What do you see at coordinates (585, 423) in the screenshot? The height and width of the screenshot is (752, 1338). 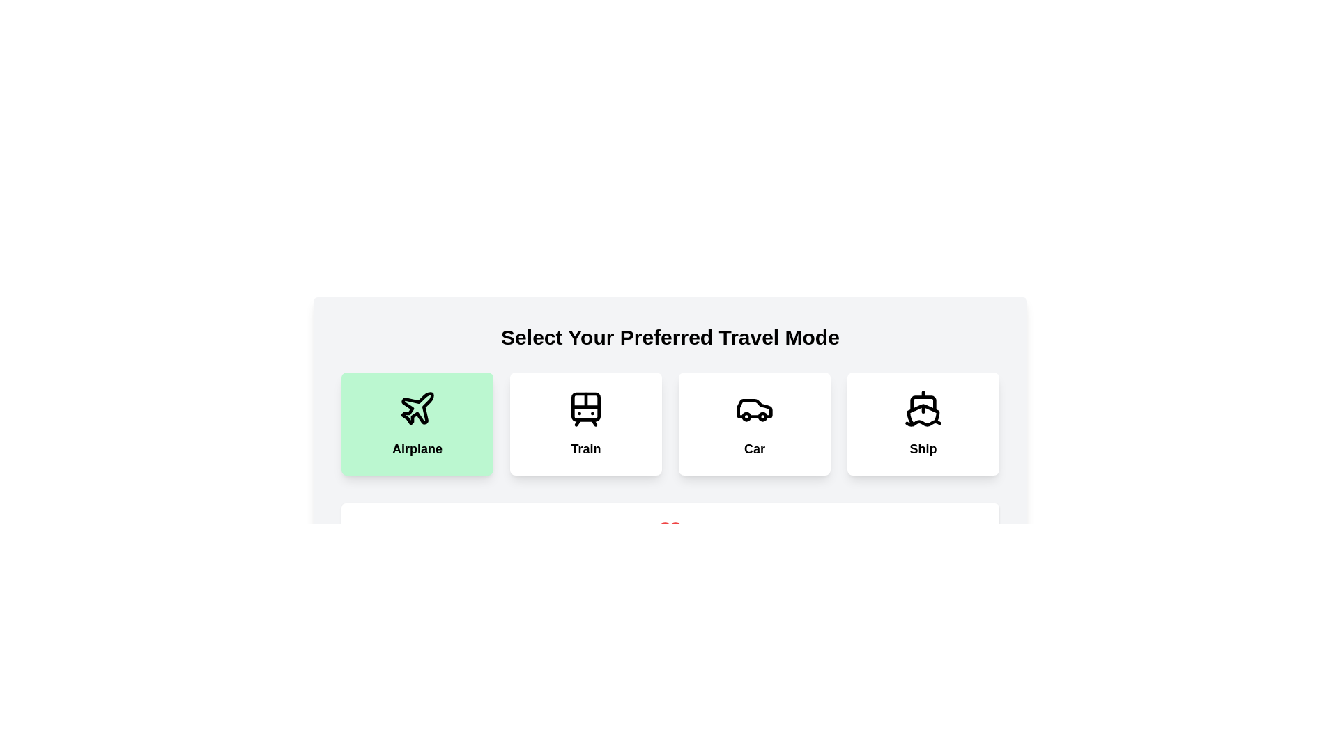 I see `the 'Train' interactive card to observe the hover effects, which is the second card in a row of travel options` at bounding box center [585, 423].